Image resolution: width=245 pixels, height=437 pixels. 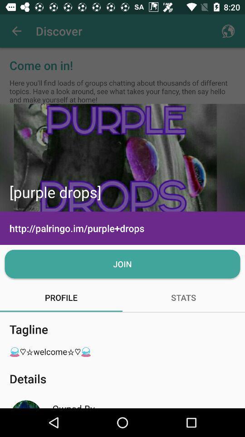 I want to click on icon above the http palringo im icon, so click(x=122, y=158).